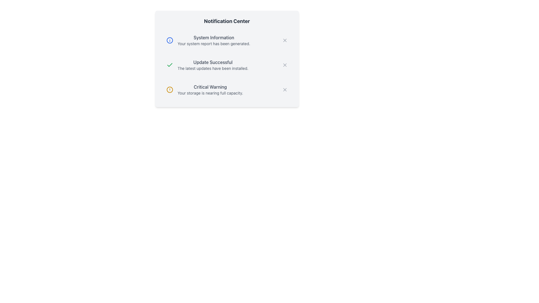 This screenshot has height=303, width=539. Describe the element at coordinates (213, 65) in the screenshot. I see `the Informational Text Block that displays 'Update Successful' and 'The latest updates have been installed', which is the second notification entry in the list of notifications` at that location.